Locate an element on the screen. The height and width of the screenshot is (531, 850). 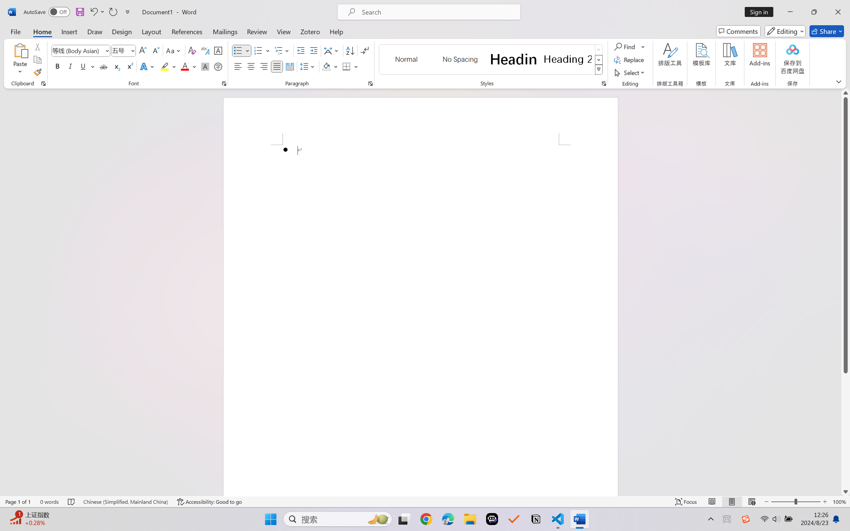
'Zoom 100%' is located at coordinates (839, 501).